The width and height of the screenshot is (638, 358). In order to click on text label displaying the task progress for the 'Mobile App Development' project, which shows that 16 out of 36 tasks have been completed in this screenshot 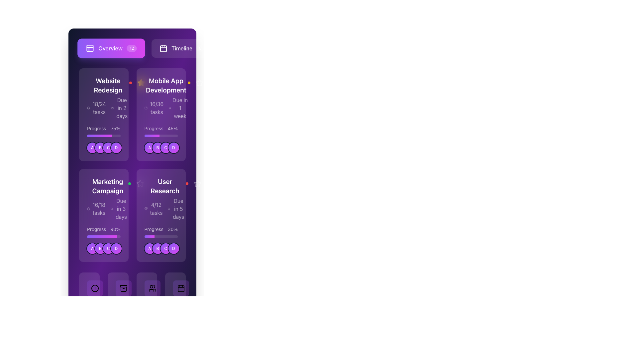, I will do `click(156, 108)`.